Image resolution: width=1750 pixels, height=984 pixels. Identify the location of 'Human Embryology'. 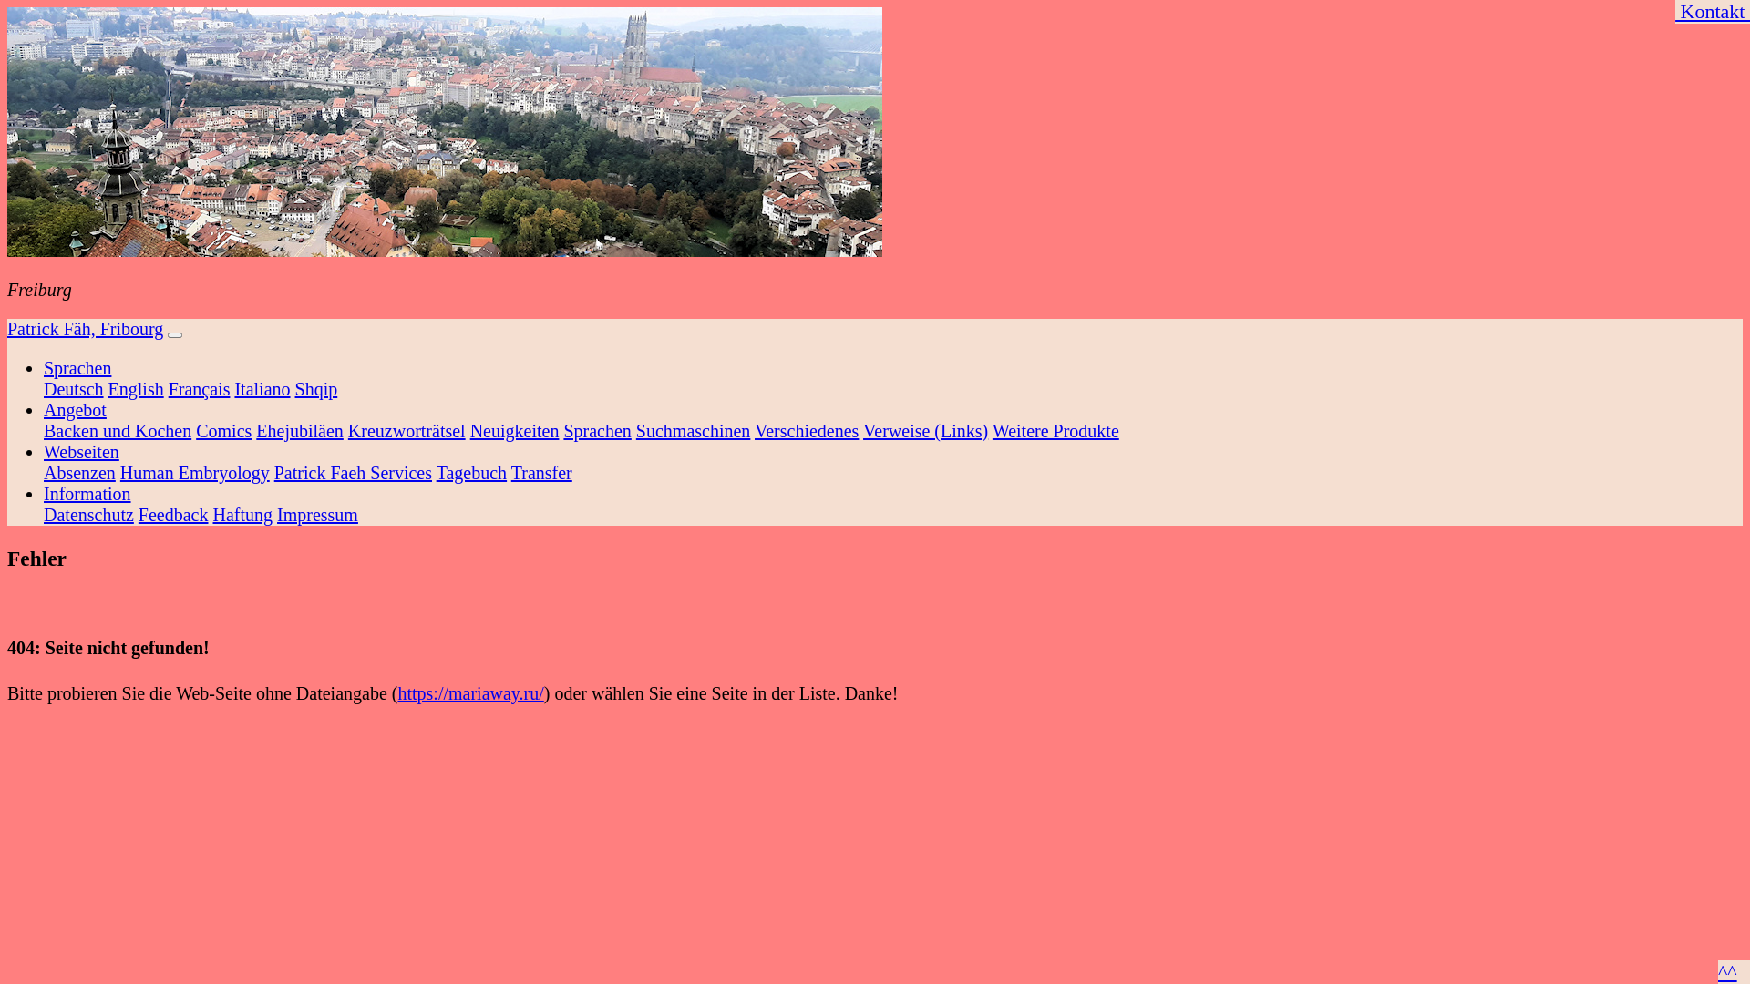
(195, 472).